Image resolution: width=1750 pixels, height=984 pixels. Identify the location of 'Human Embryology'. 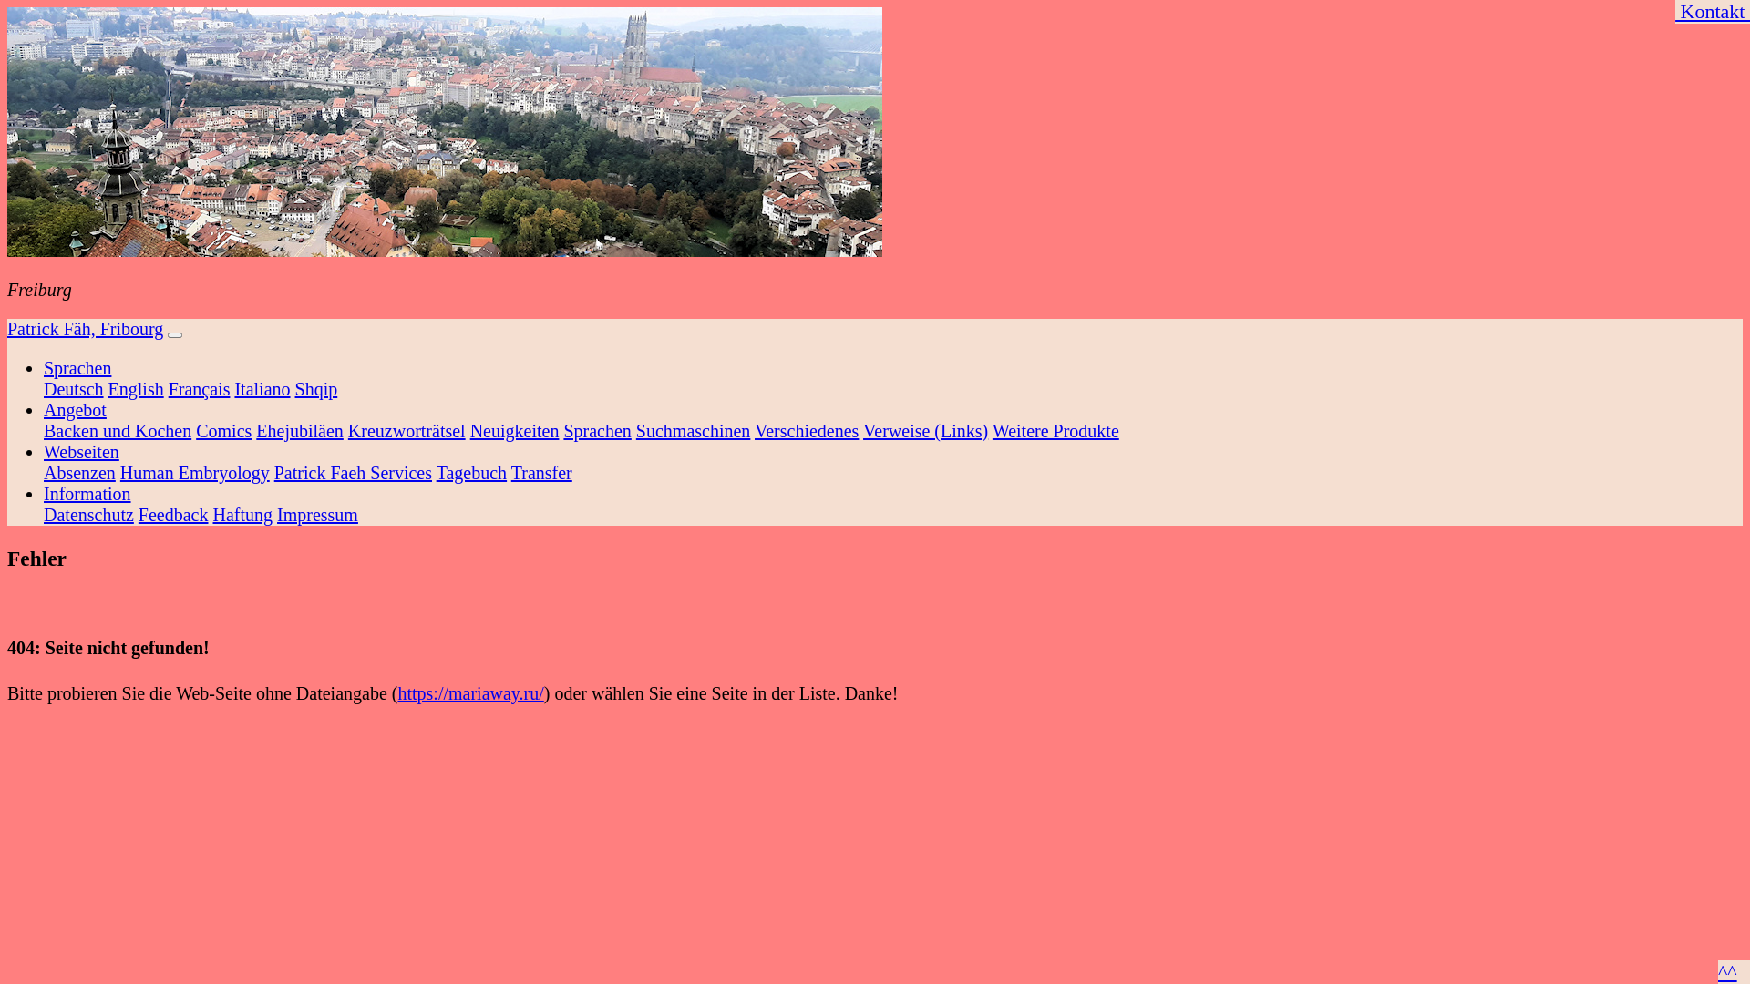
(195, 472).